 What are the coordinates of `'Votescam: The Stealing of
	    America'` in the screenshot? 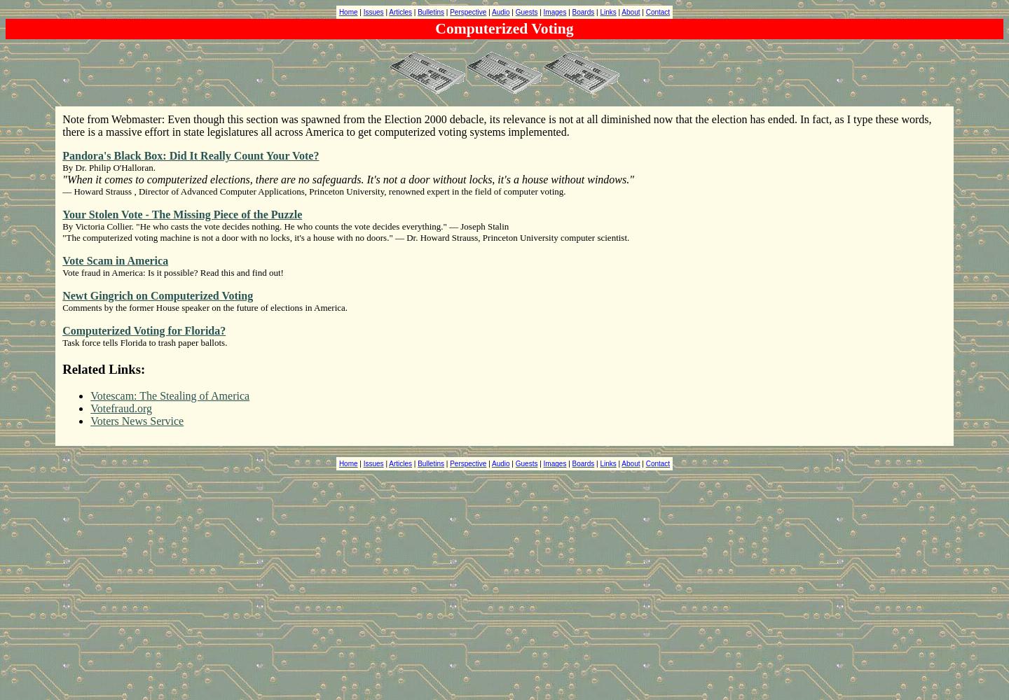 It's located at (90, 395).